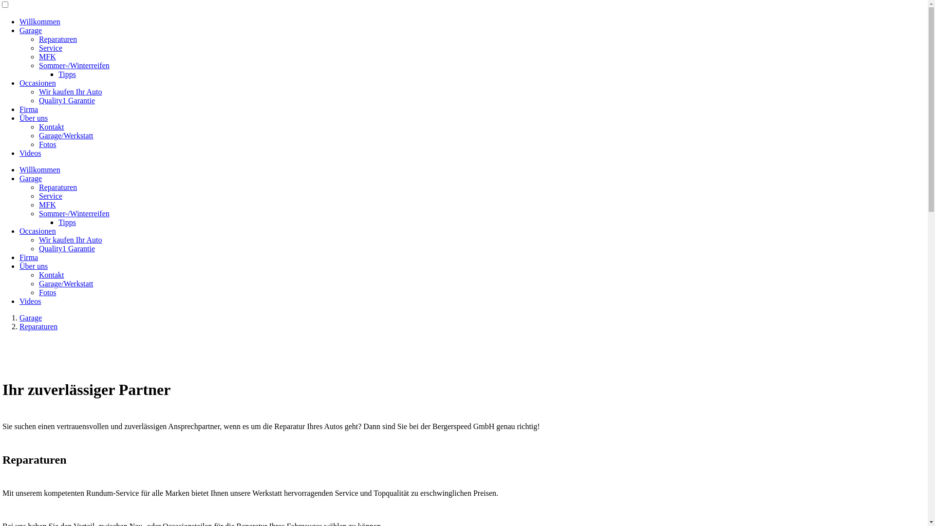 The width and height of the screenshot is (935, 526). I want to click on 'Service', so click(50, 196).